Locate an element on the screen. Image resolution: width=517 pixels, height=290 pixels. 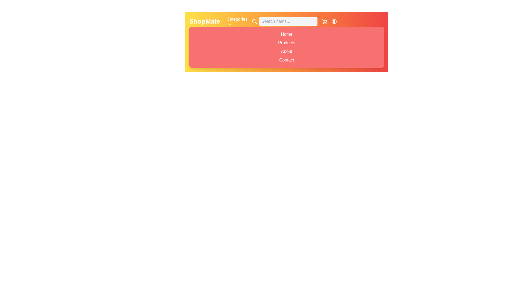
the 'Contact' navigation link, which is the last item in the vertically stacked menu, to trigger hover effects is located at coordinates (286, 60).